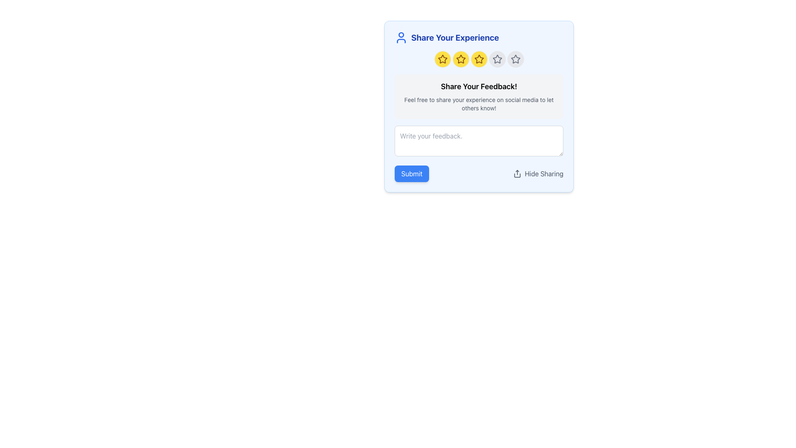 The width and height of the screenshot is (796, 448). I want to click on the second yellow star icon in the rating sequence, so click(460, 58).